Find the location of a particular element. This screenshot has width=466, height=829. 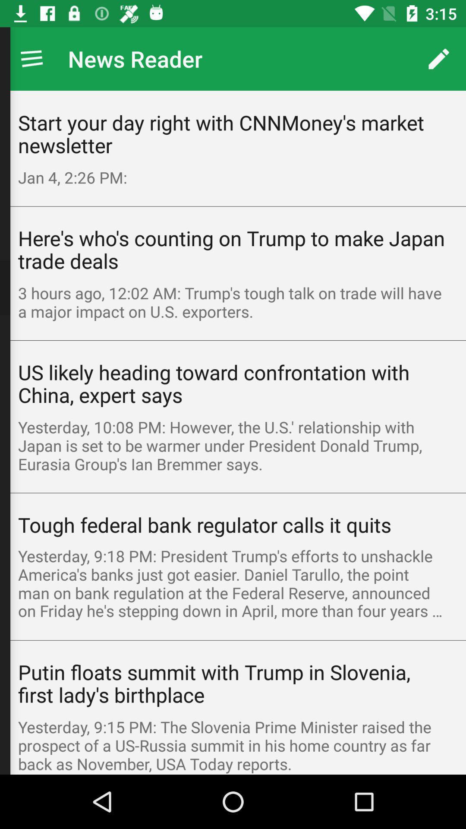

the item to the left of the news reader icon is located at coordinates (31, 58).